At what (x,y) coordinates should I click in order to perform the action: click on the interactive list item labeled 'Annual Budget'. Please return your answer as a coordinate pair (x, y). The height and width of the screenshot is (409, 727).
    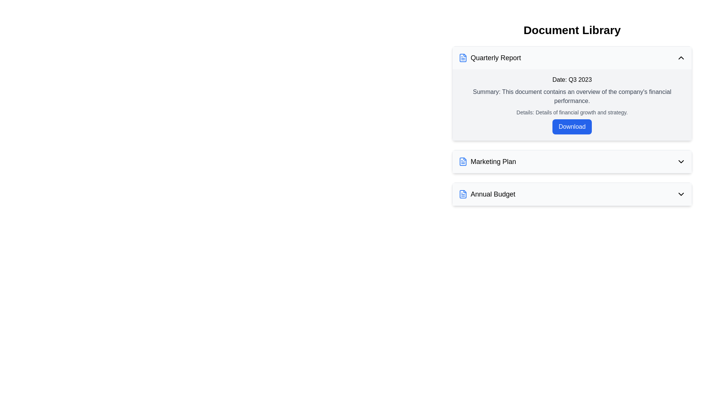
    Looking at the image, I should click on (572, 194).